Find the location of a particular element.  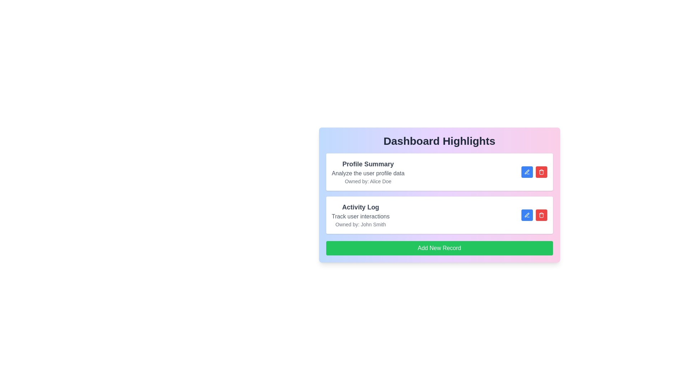

the deletion icon located to the far right of the 'Activity Log' row in the 'Dashboard Highlights' section is located at coordinates (541, 172).